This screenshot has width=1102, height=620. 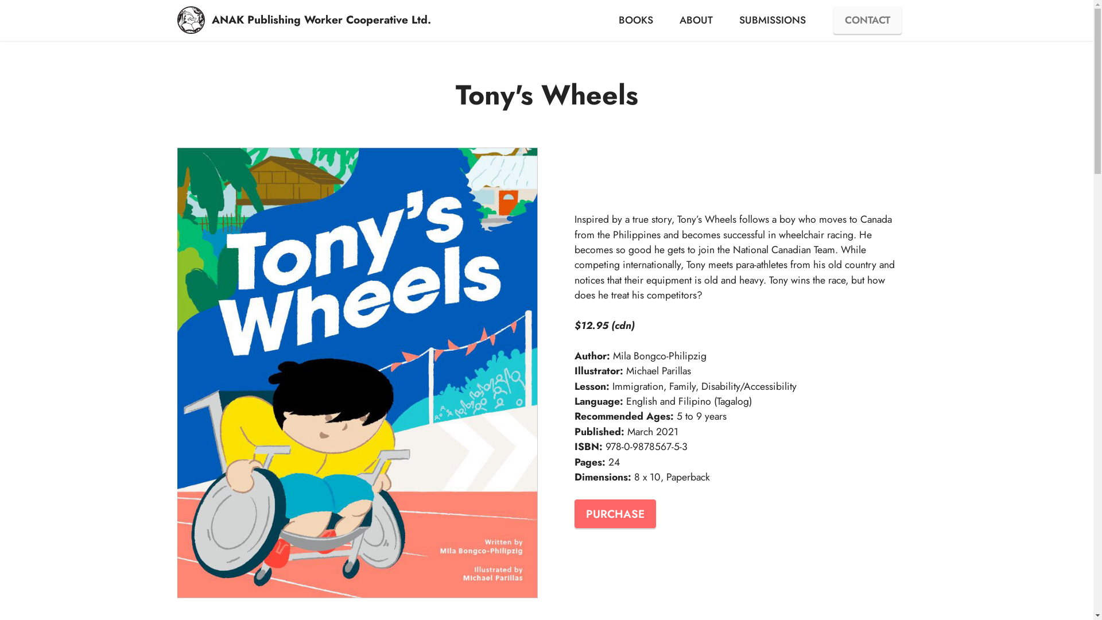 What do you see at coordinates (635, 20) in the screenshot?
I see `'BOOKS'` at bounding box center [635, 20].